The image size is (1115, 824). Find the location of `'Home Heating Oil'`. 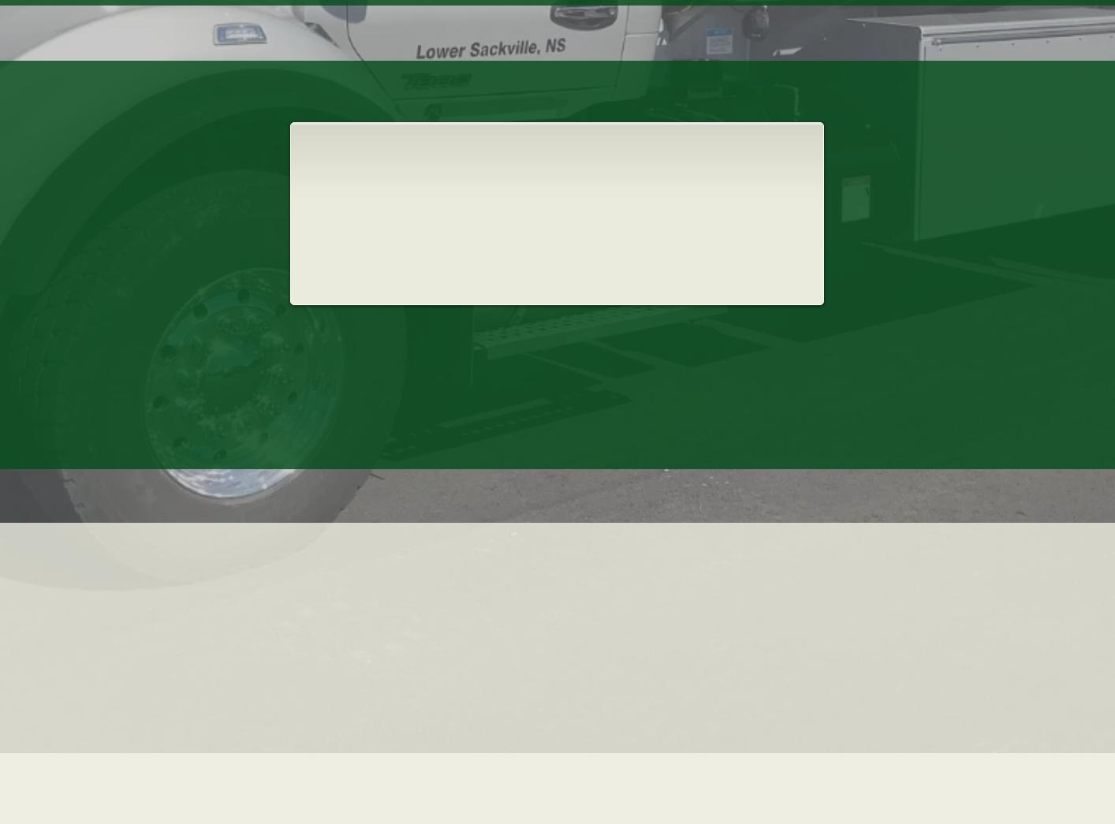

'Home Heating Oil' is located at coordinates (554, 141).